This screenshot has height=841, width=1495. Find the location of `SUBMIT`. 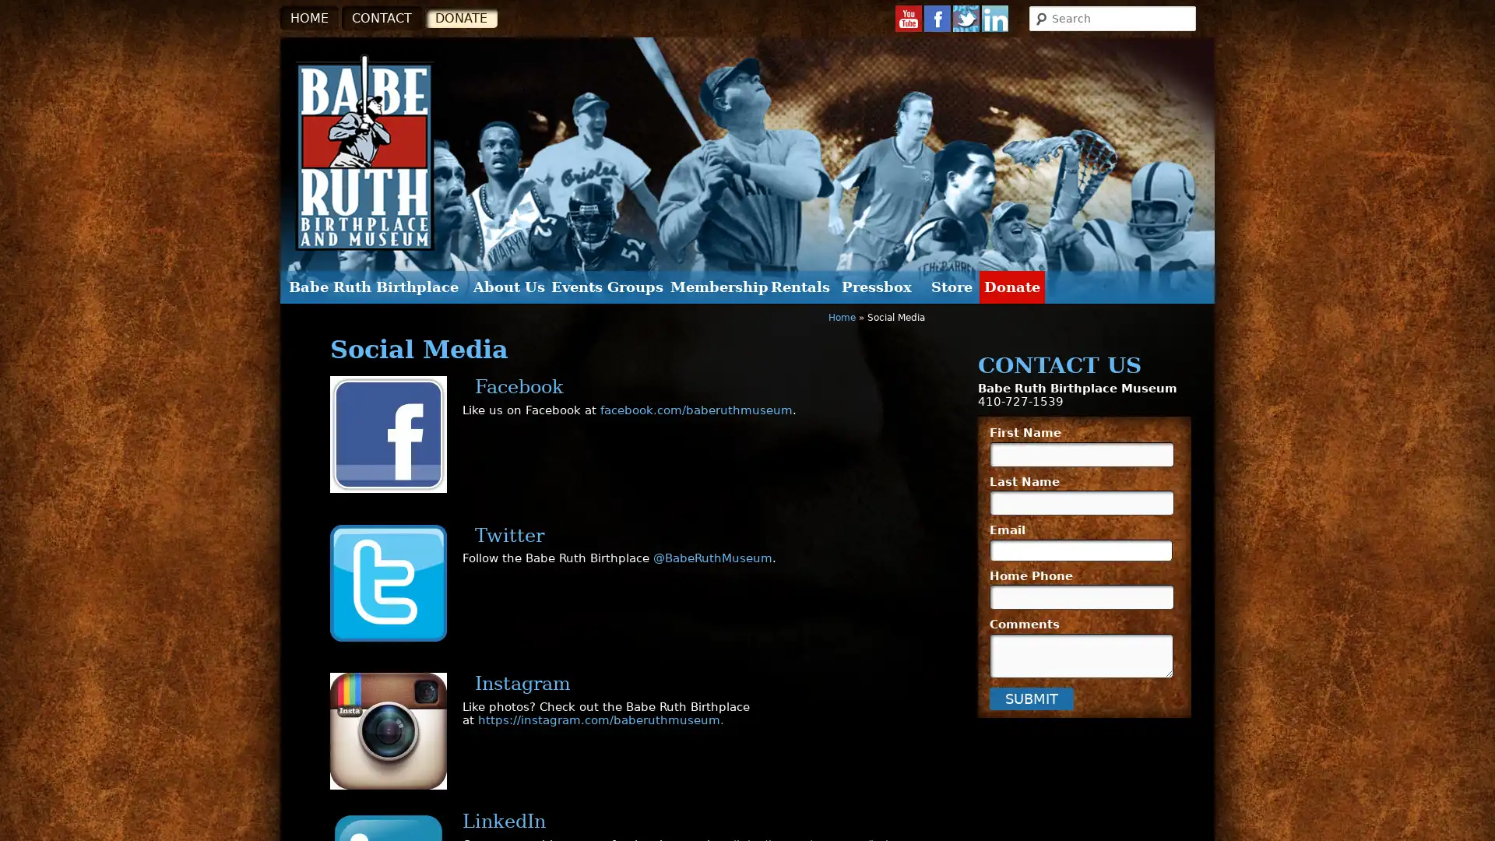

SUBMIT is located at coordinates (1031, 697).